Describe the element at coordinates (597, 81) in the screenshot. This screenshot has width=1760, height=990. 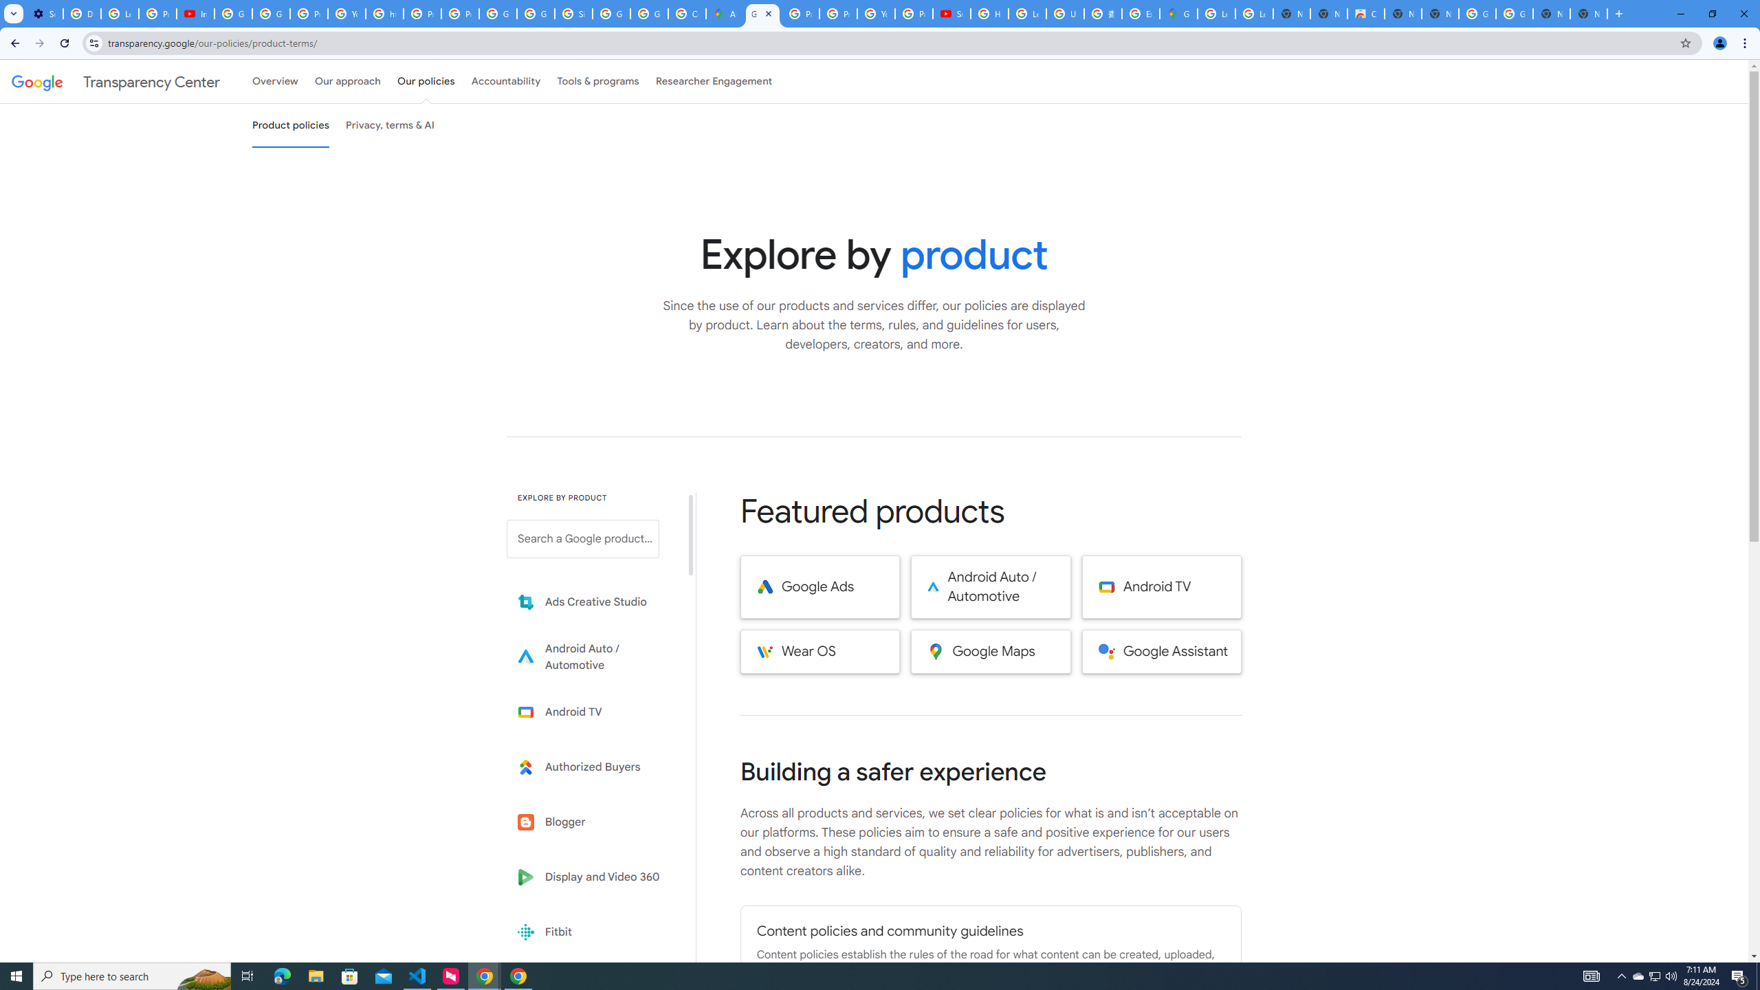
I see `'Tools & programs'` at that location.